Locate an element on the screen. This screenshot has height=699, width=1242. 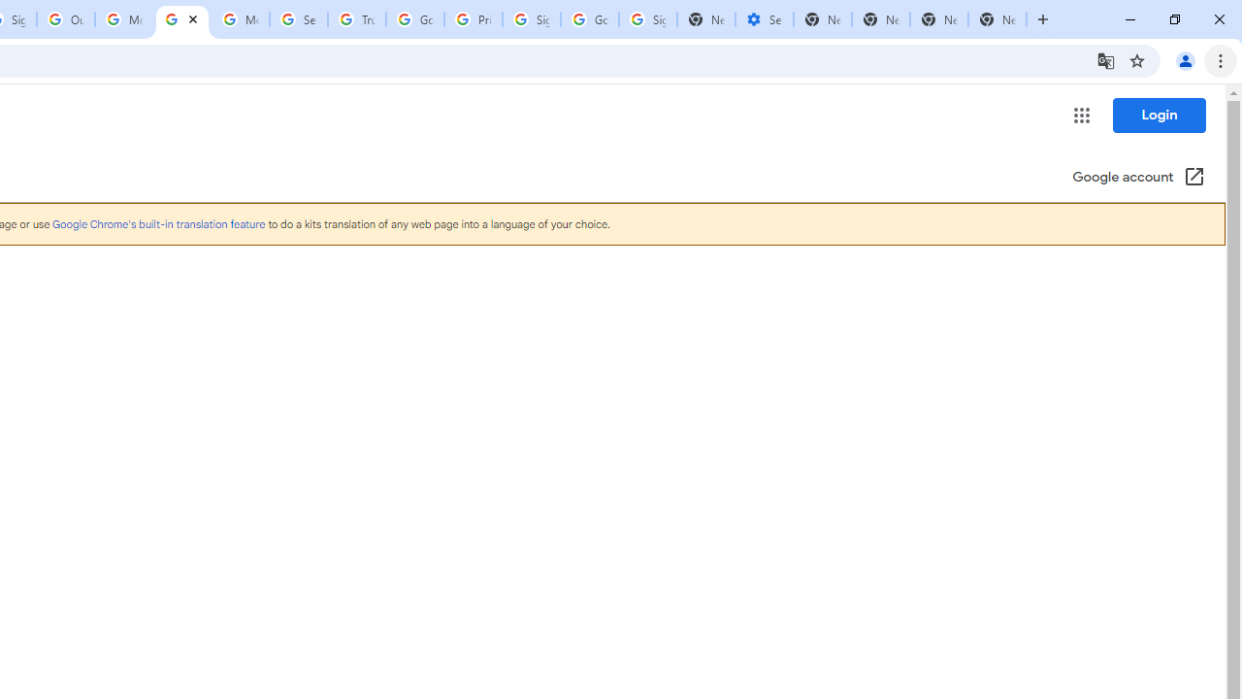
'Login' is located at coordinates (1159, 115).